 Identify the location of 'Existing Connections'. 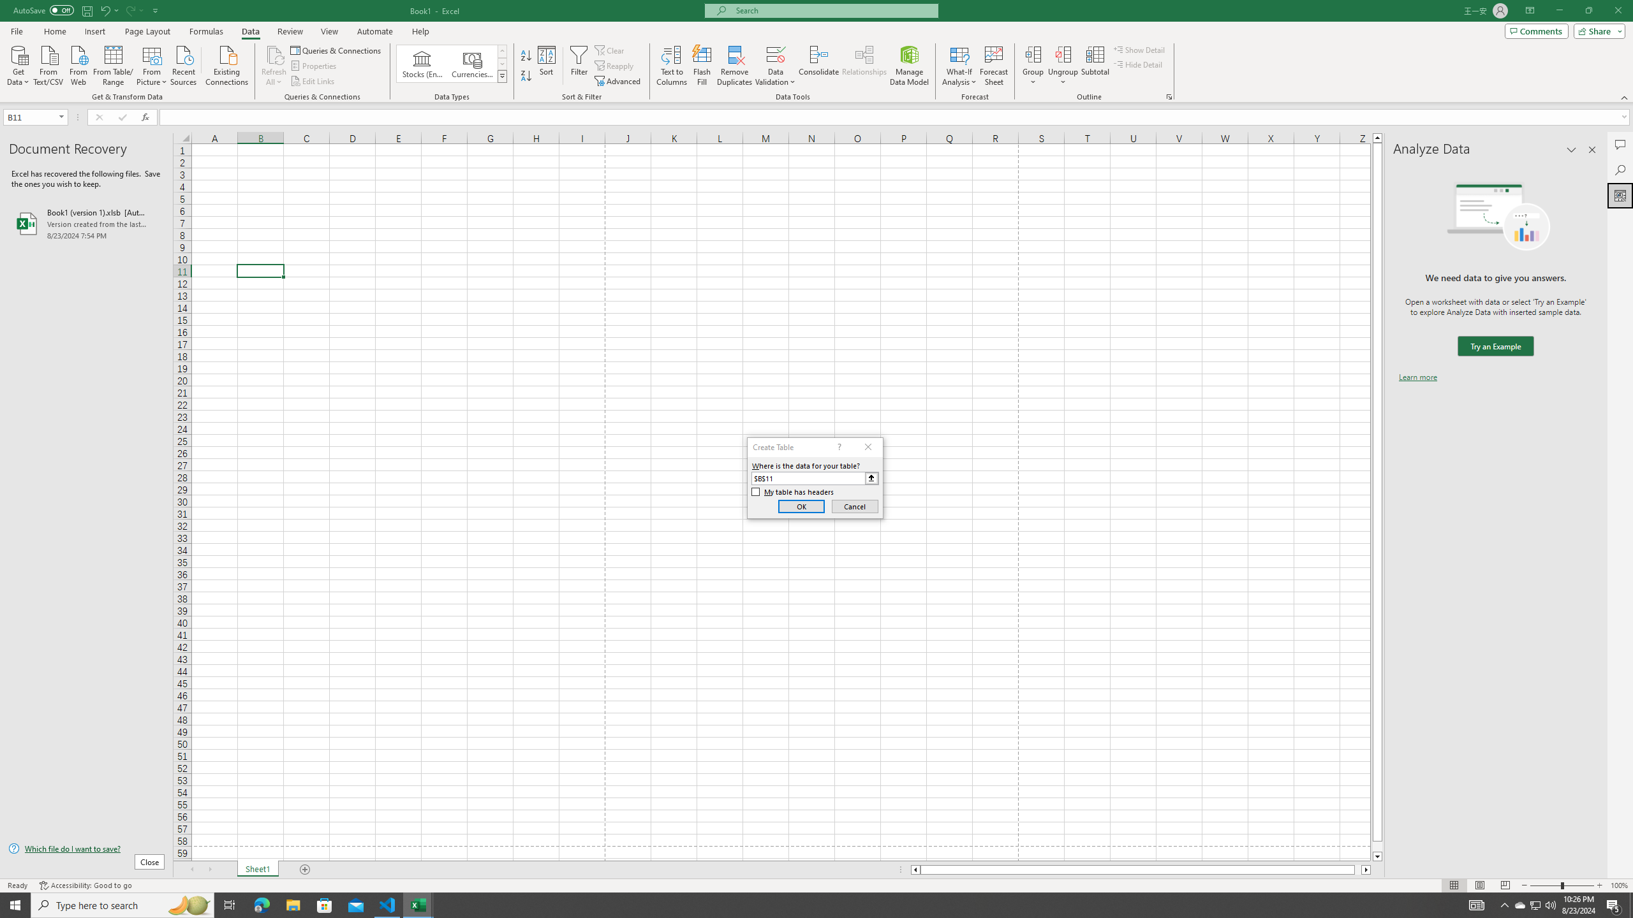
(226, 64).